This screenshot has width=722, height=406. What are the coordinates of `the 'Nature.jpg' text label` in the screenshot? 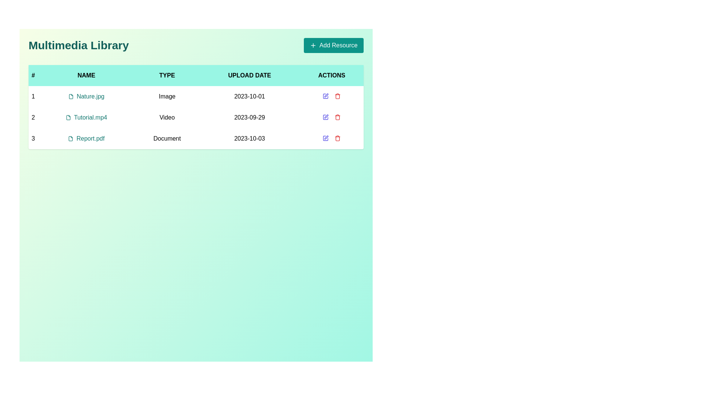 It's located at (86, 96).